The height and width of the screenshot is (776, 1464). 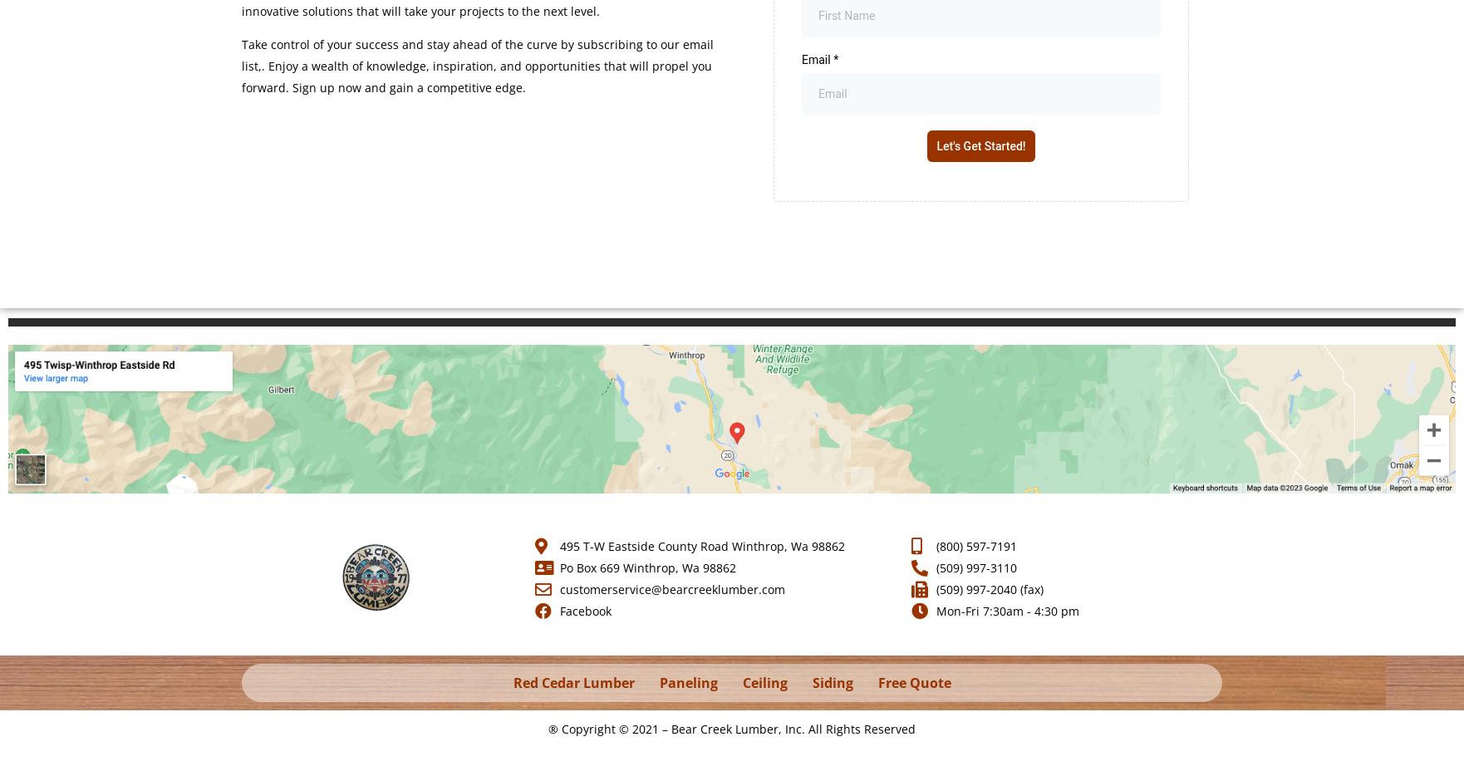 I want to click on 'Paneling', so click(x=658, y=681).